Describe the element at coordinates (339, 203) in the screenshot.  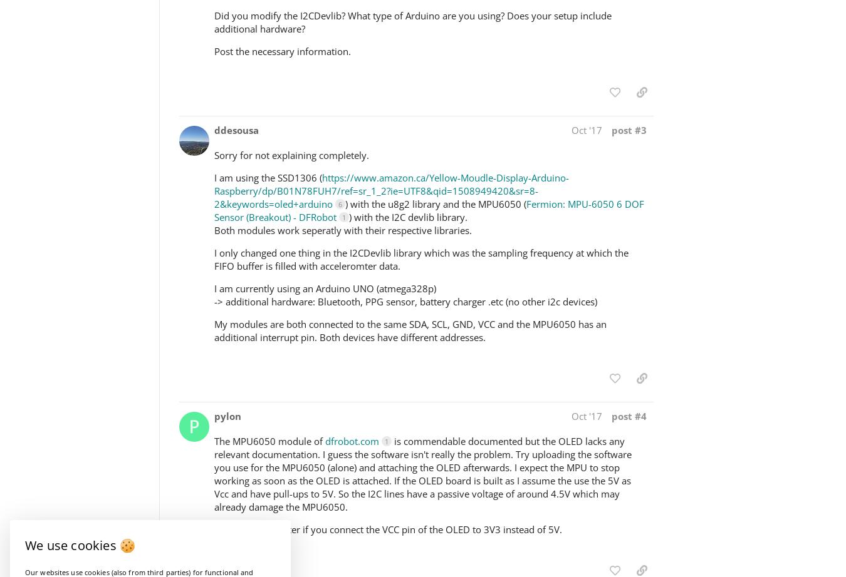
I see `'6'` at that location.